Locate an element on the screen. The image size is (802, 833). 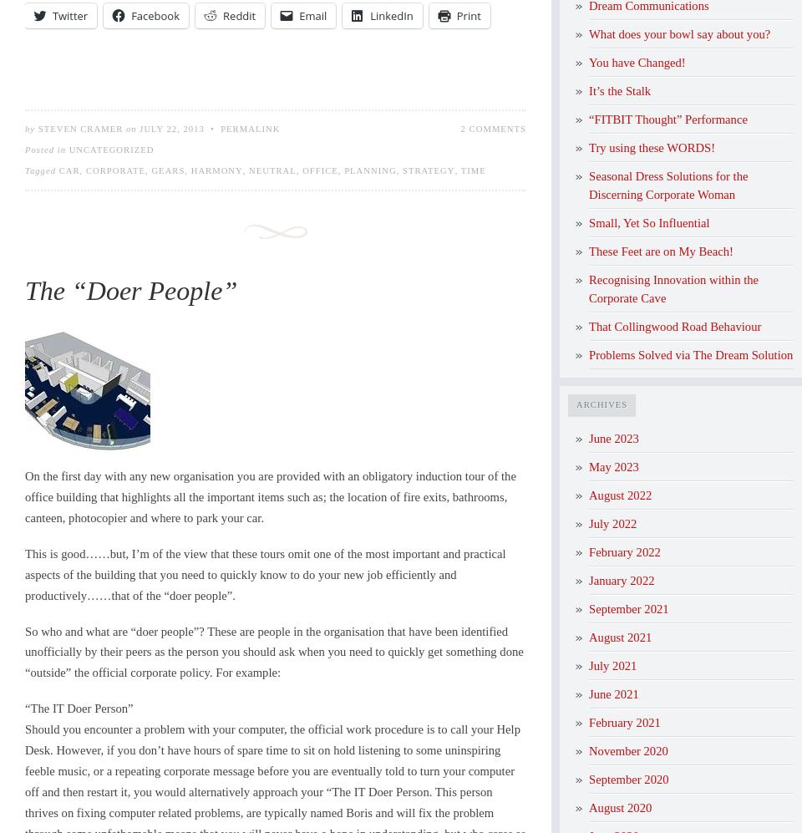
'May 2023' is located at coordinates (612, 466).